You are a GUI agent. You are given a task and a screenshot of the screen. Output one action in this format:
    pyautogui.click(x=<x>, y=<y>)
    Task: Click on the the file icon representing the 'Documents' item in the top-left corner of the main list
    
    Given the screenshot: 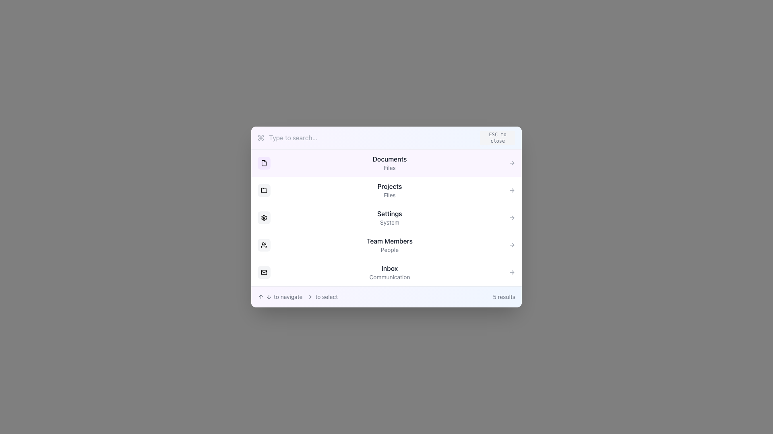 What is the action you would take?
    pyautogui.click(x=264, y=163)
    